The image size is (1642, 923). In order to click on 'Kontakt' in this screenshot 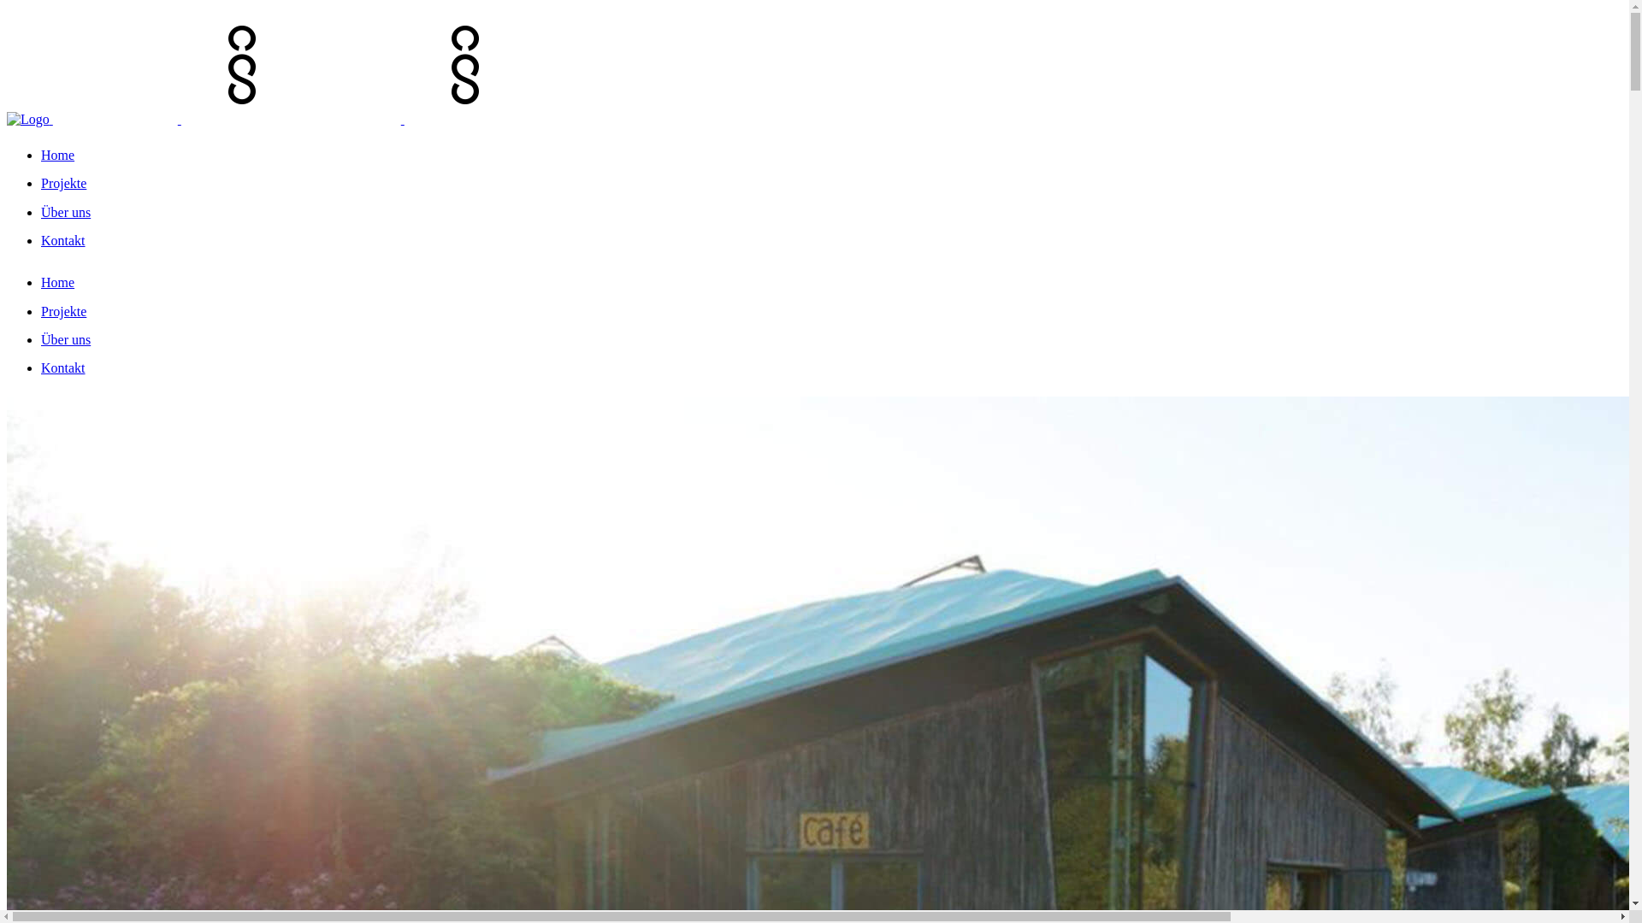, I will do `click(62, 367)`.